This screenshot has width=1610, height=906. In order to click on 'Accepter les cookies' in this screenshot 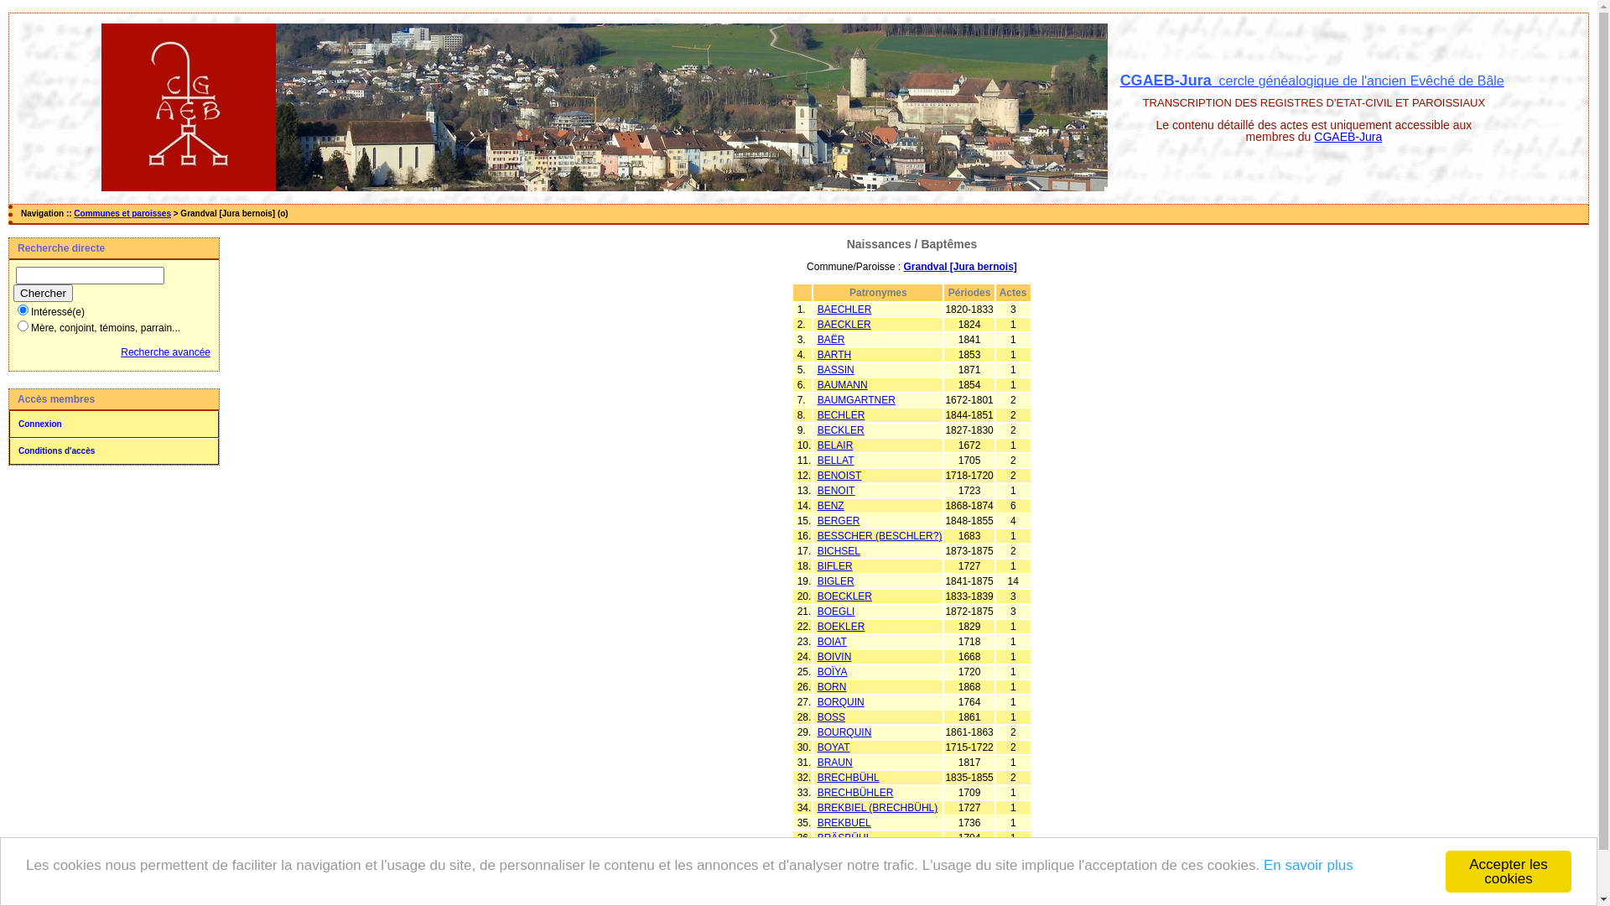, I will do `click(1509, 870)`.